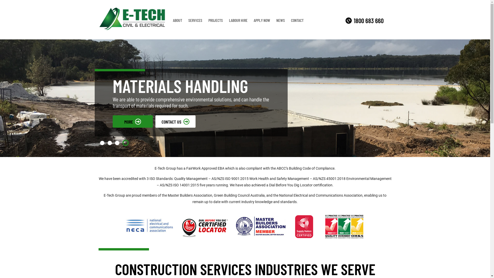 Image resolution: width=494 pixels, height=278 pixels. I want to click on 'NEWS', so click(280, 20).